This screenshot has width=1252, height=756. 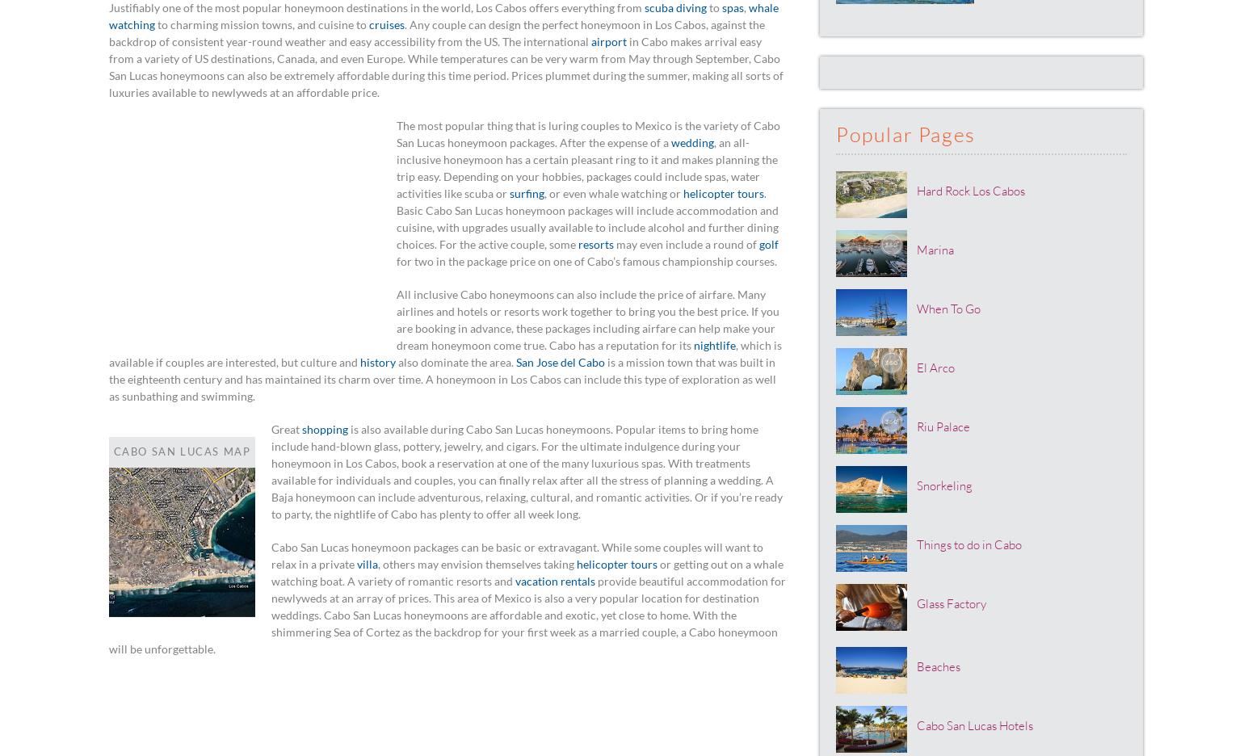 I want to click on ', which is available if couples are interested, but culture and', so click(x=109, y=353).